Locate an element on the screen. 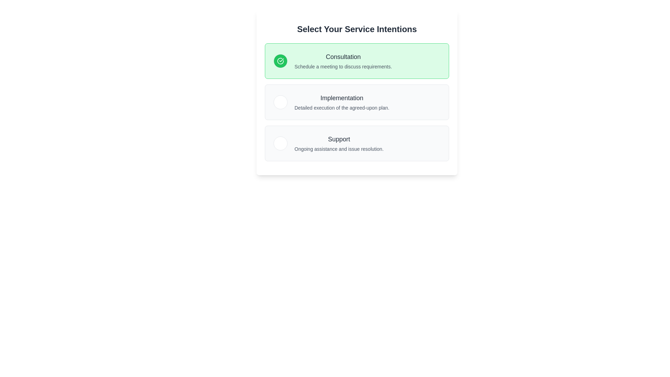 The width and height of the screenshot is (670, 377). to select the 'Implementation' option in the selectable list item, which contains a circular icon on the left and the text 'Implementation' and 'Detailed execution of the agreed-upon plan.' is located at coordinates (331, 102).